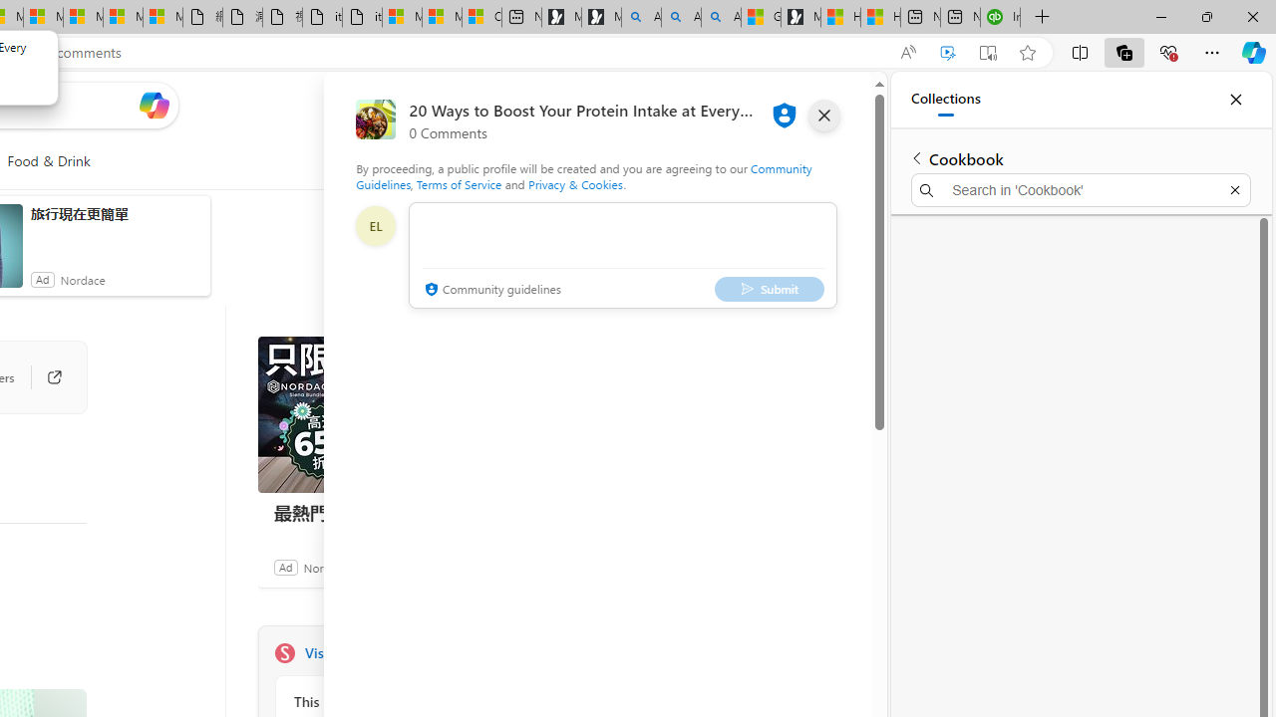 This screenshot has height=717, width=1276. Describe the element at coordinates (621, 254) in the screenshot. I see `'comment-box'` at that location.